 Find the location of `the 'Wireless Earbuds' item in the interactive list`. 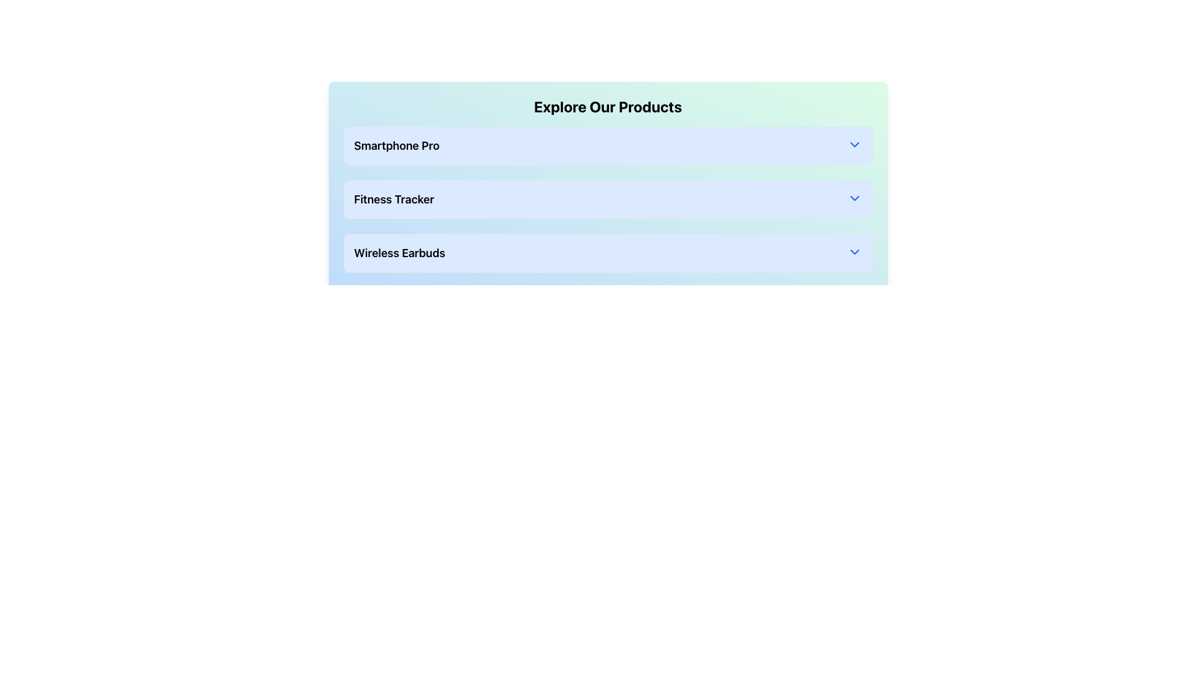

the 'Wireless Earbuds' item in the interactive list is located at coordinates (608, 253).